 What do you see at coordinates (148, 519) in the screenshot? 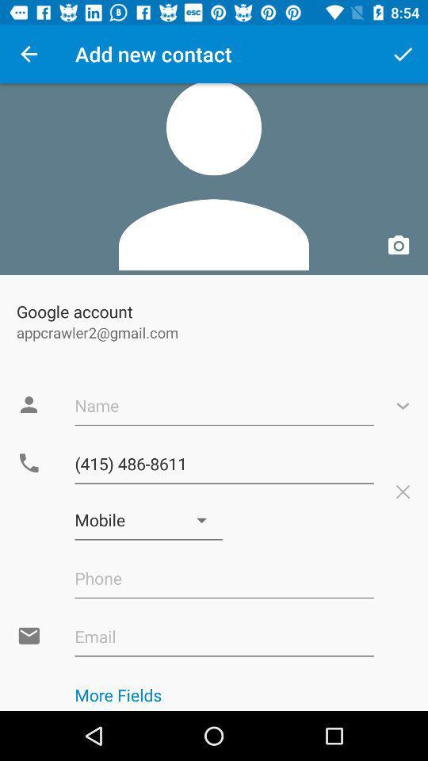
I see `the text mobile` at bounding box center [148, 519].